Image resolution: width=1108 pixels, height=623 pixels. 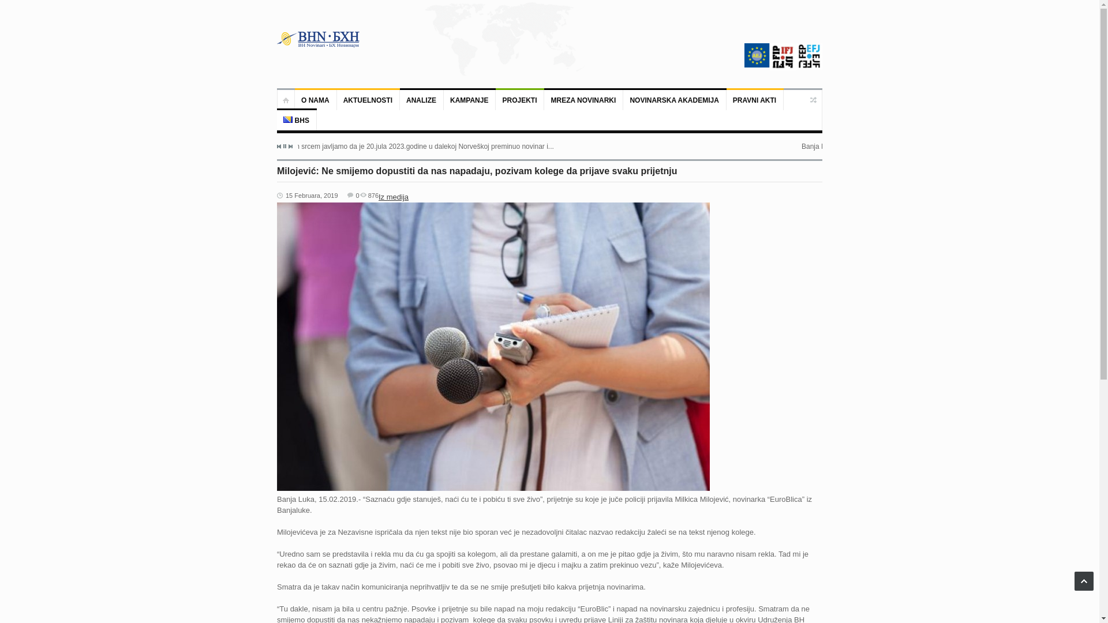 What do you see at coordinates (421, 99) in the screenshot?
I see `'ANALIZE'` at bounding box center [421, 99].